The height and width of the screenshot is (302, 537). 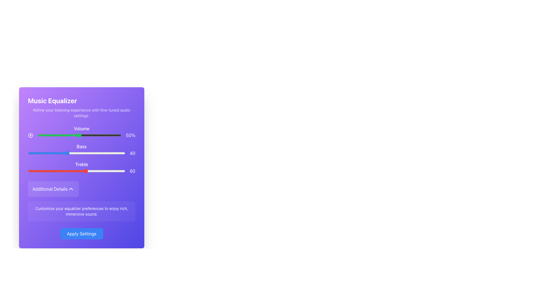 What do you see at coordinates (106, 135) in the screenshot?
I see `the slider` at bounding box center [106, 135].